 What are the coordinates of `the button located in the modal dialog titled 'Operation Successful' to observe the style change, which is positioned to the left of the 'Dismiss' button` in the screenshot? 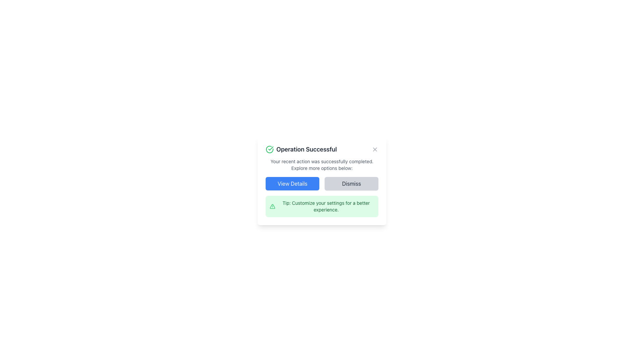 It's located at (292, 183).